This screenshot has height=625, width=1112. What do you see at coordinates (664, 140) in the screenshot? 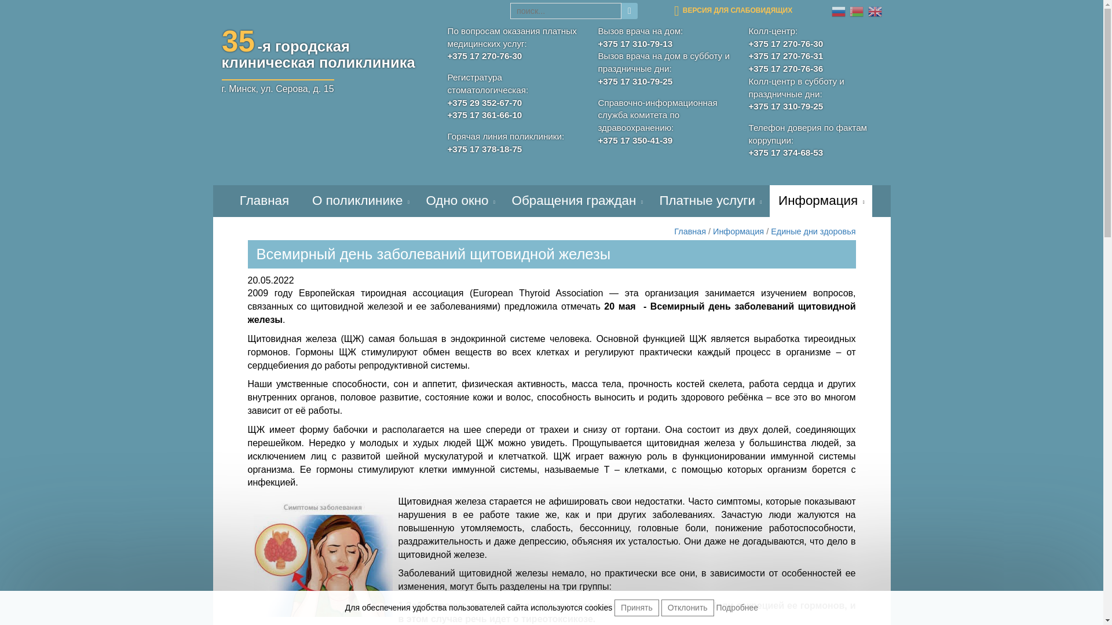
I see `'+375 17 350-41-39'` at bounding box center [664, 140].